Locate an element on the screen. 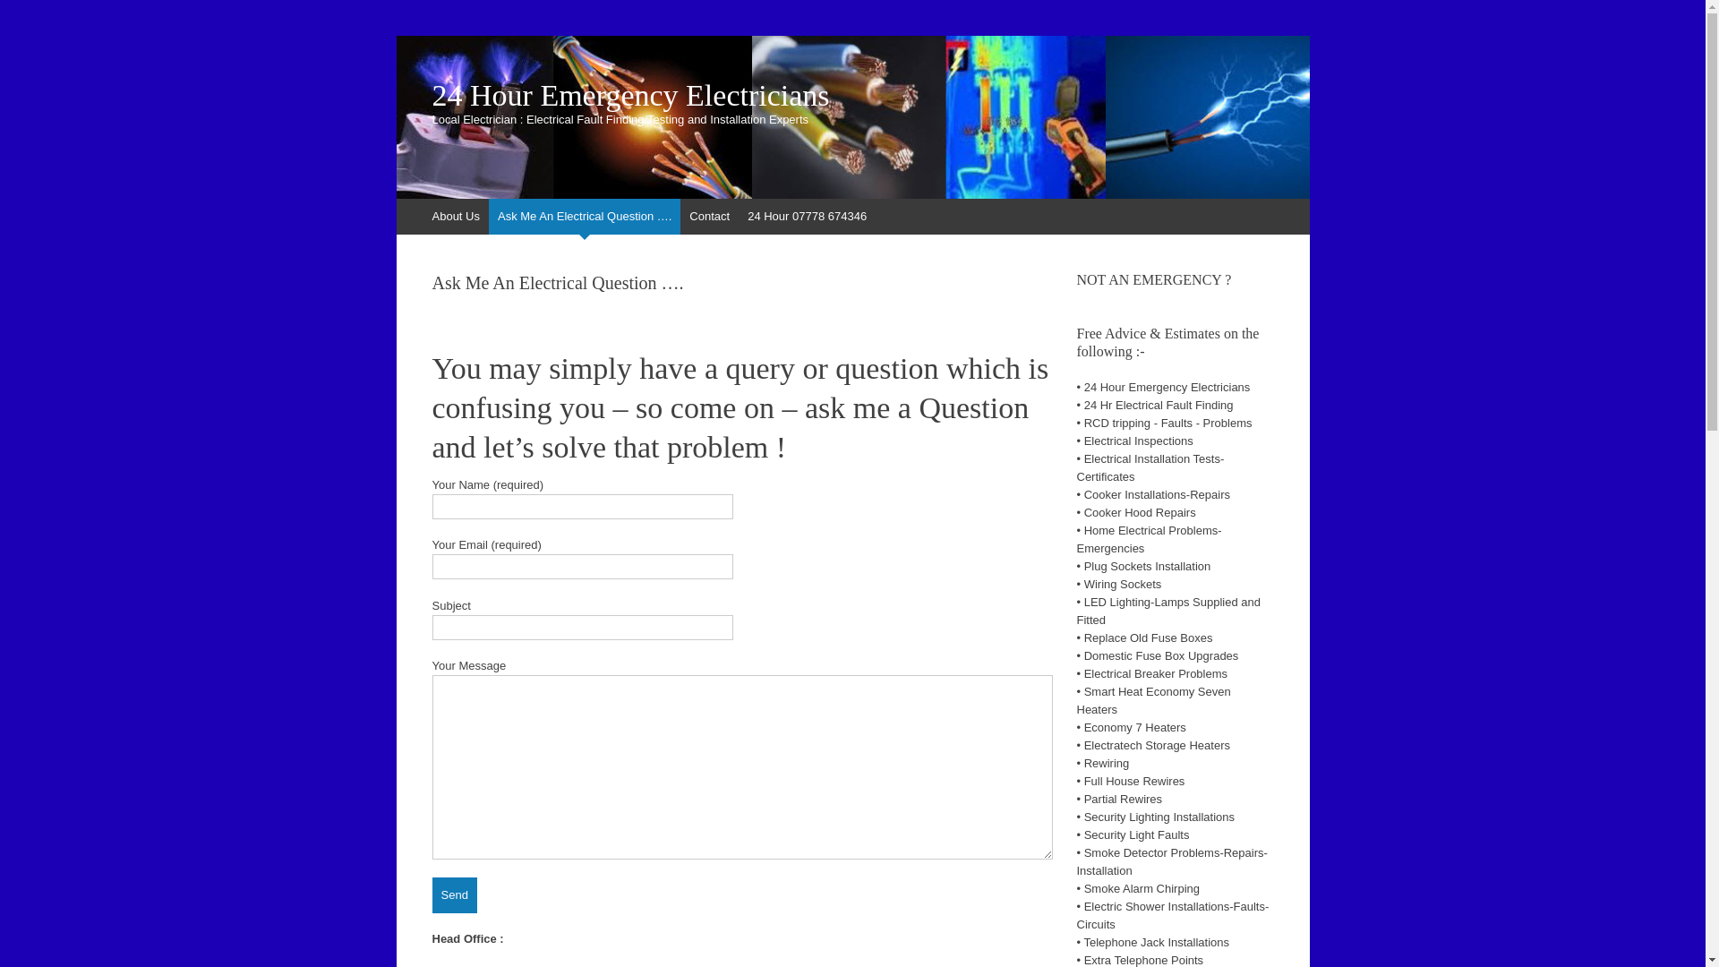  'Send' is located at coordinates (454, 894).